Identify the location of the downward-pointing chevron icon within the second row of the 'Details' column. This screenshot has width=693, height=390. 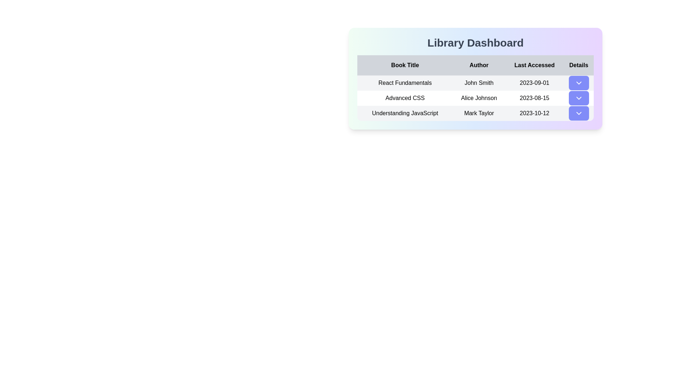
(579, 98).